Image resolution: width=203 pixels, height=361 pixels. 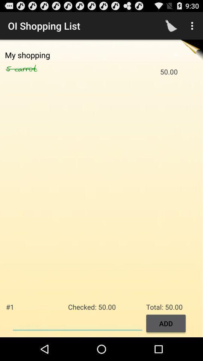 I want to click on item to the right of the oi shopping list app, so click(x=171, y=26).